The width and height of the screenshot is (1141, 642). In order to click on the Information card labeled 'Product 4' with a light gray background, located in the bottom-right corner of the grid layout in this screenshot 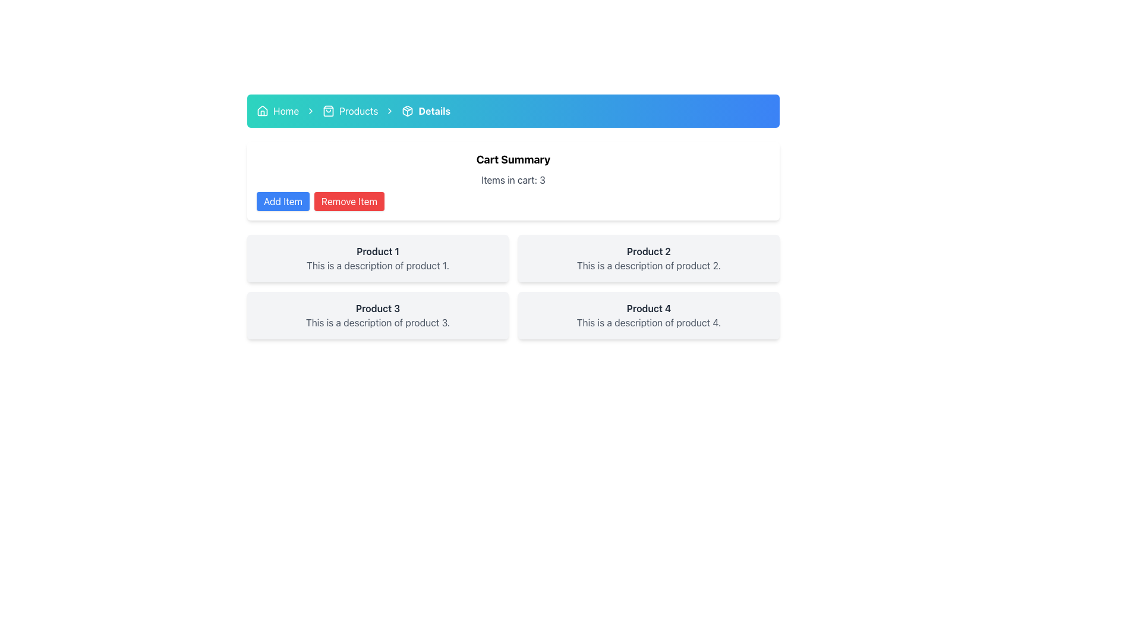, I will do `click(648, 315)`.